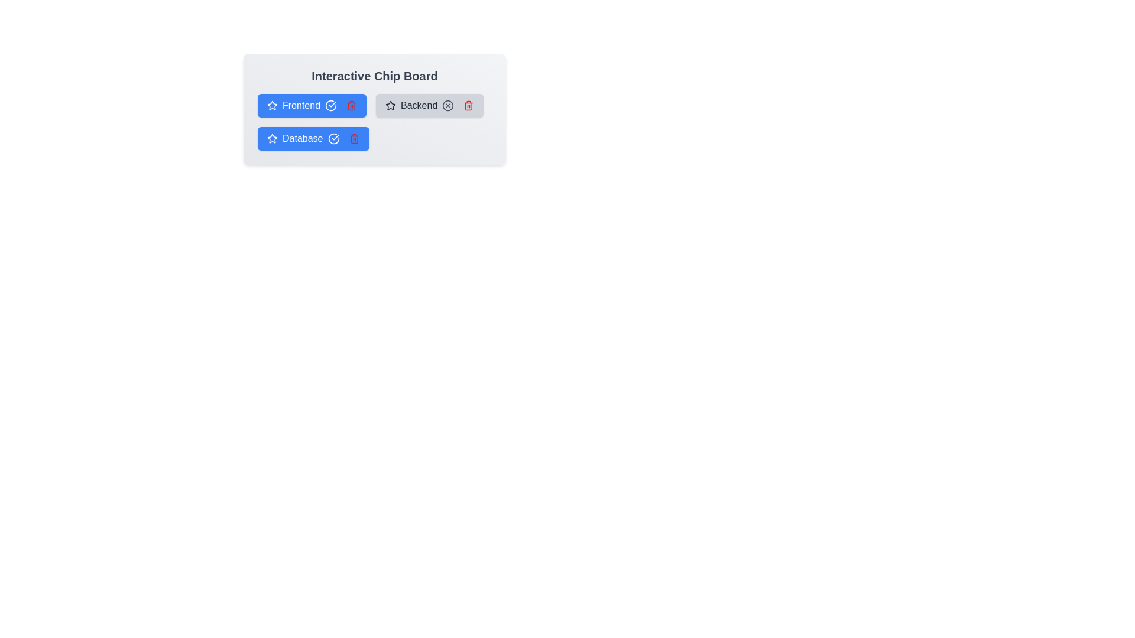 The image size is (1135, 638). I want to click on the chip labeled Database to toggle its selection state, so click(313, 138).